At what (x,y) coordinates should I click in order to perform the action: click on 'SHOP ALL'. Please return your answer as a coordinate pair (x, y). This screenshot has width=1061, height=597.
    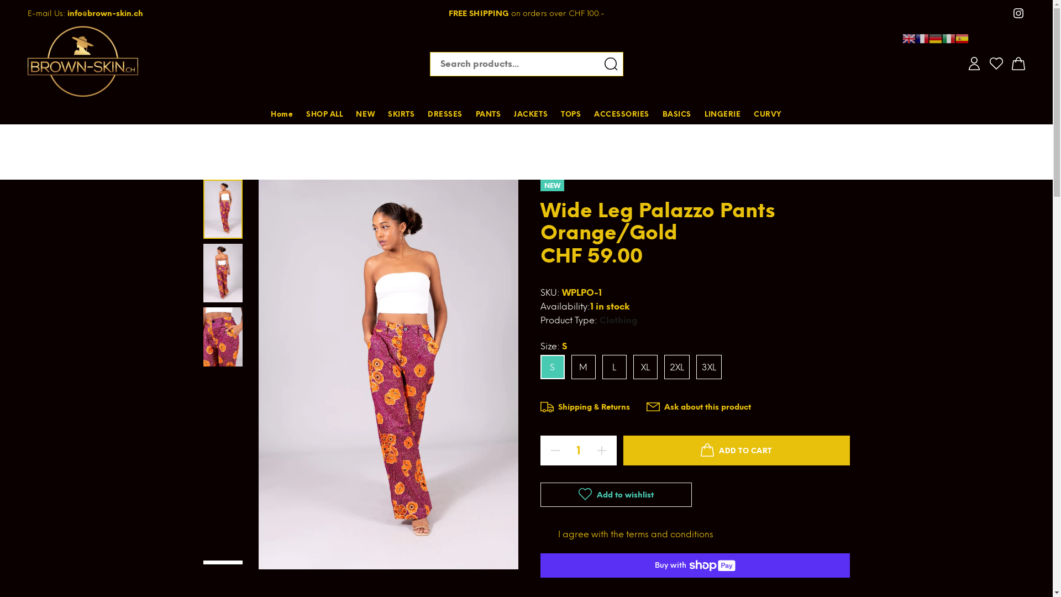
    Looking at the image, I should click on (323, 113).